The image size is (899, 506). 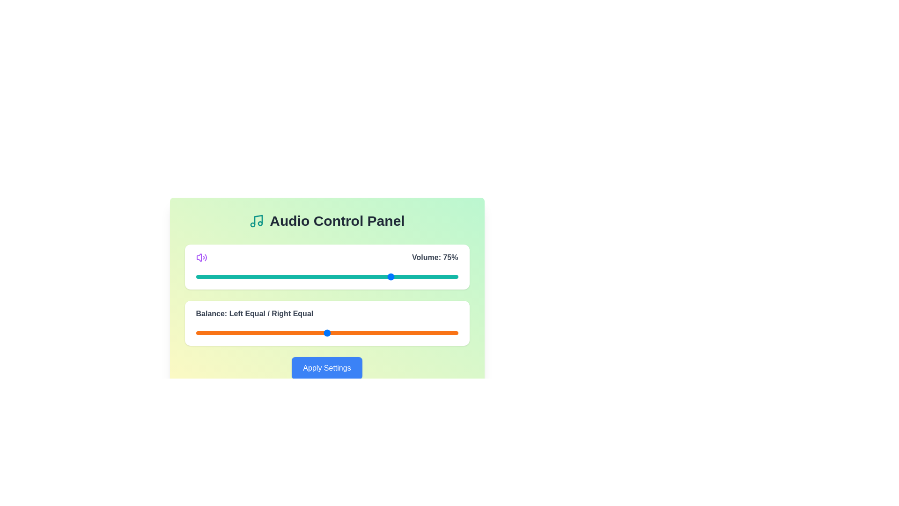 What do you see at coordinates (238, 276) in the screenshot?
I see `the volume slider to 16 percent` at bounding box center [238, 276].